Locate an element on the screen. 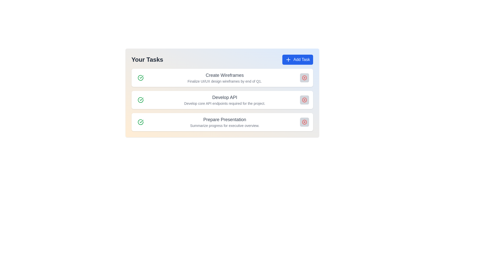 The image size is (484, 272). the static text that reads 'Summarize progress for executive overview.' located beneath the title 'Prepare Presentation' within the third task card is located at coordinates (224, 125).